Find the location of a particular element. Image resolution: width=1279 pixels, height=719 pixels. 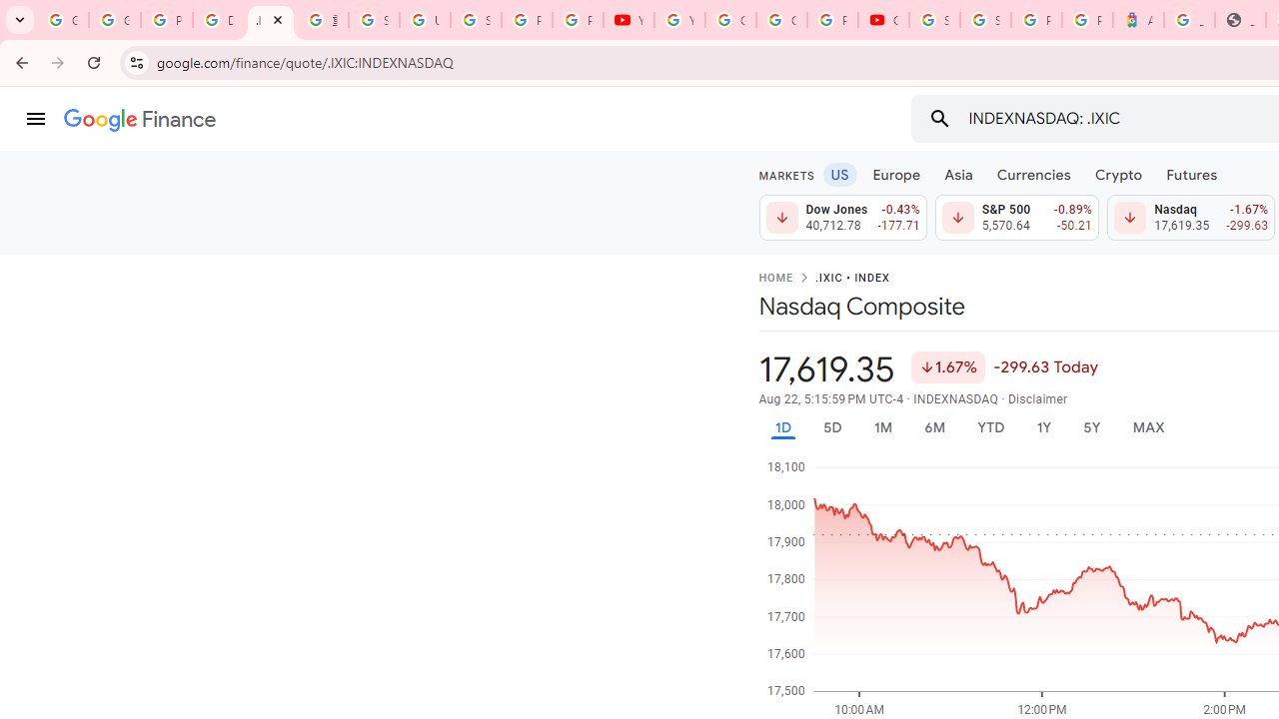

'1M' is located at coordinates (881, 426).